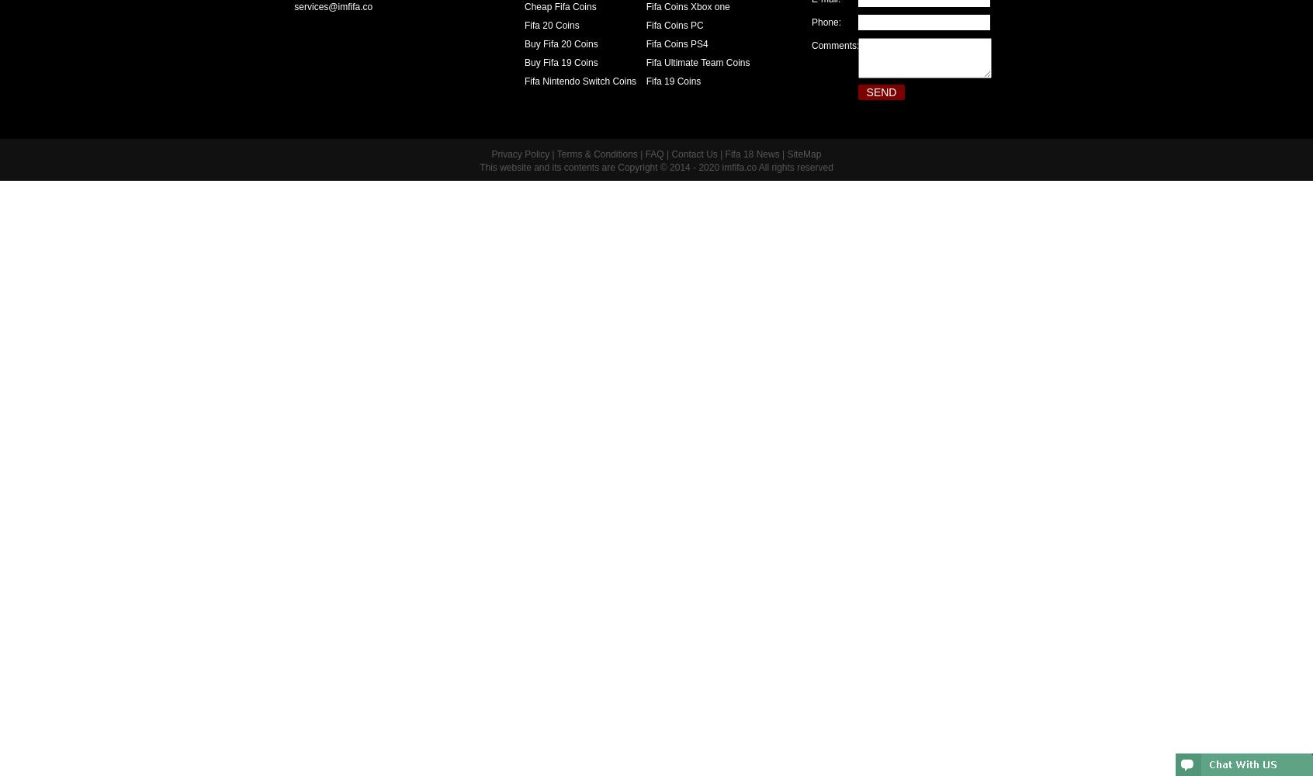 The width and height of the screenshot is (1313, 776). Describe the element at coordinates (524, 81) in the screenshot. I see `'Fifa Nintendo Switch Coins'` at that location.